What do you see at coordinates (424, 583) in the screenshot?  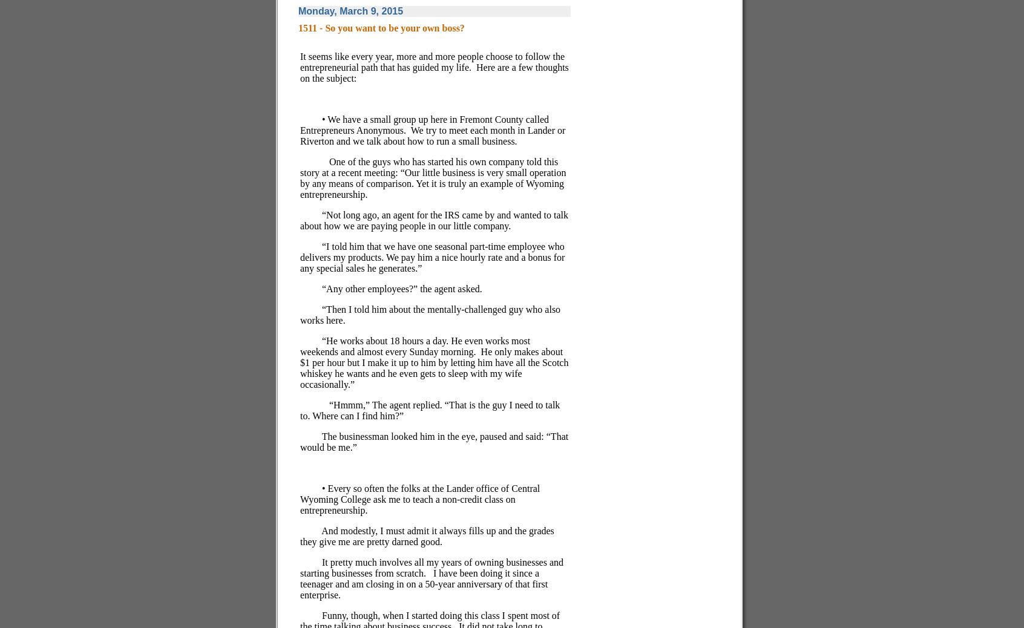 I see `'I have been doing it since a
teenager and am closing in on a 50-year anniversary of that first enterprise.'` at bounding box center [424, 583].